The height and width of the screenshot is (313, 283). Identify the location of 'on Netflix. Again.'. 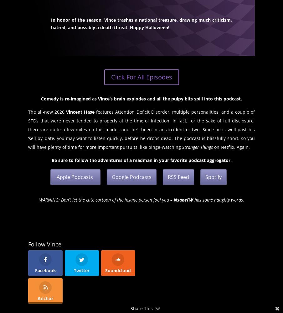
(231, 147).